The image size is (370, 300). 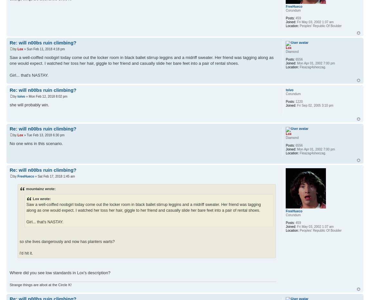 What do you see at coordinates (67, 241) in the screenshot?
I see `'so she lives dangerously and now has planters warts?'` at bounding box center [67, 241].